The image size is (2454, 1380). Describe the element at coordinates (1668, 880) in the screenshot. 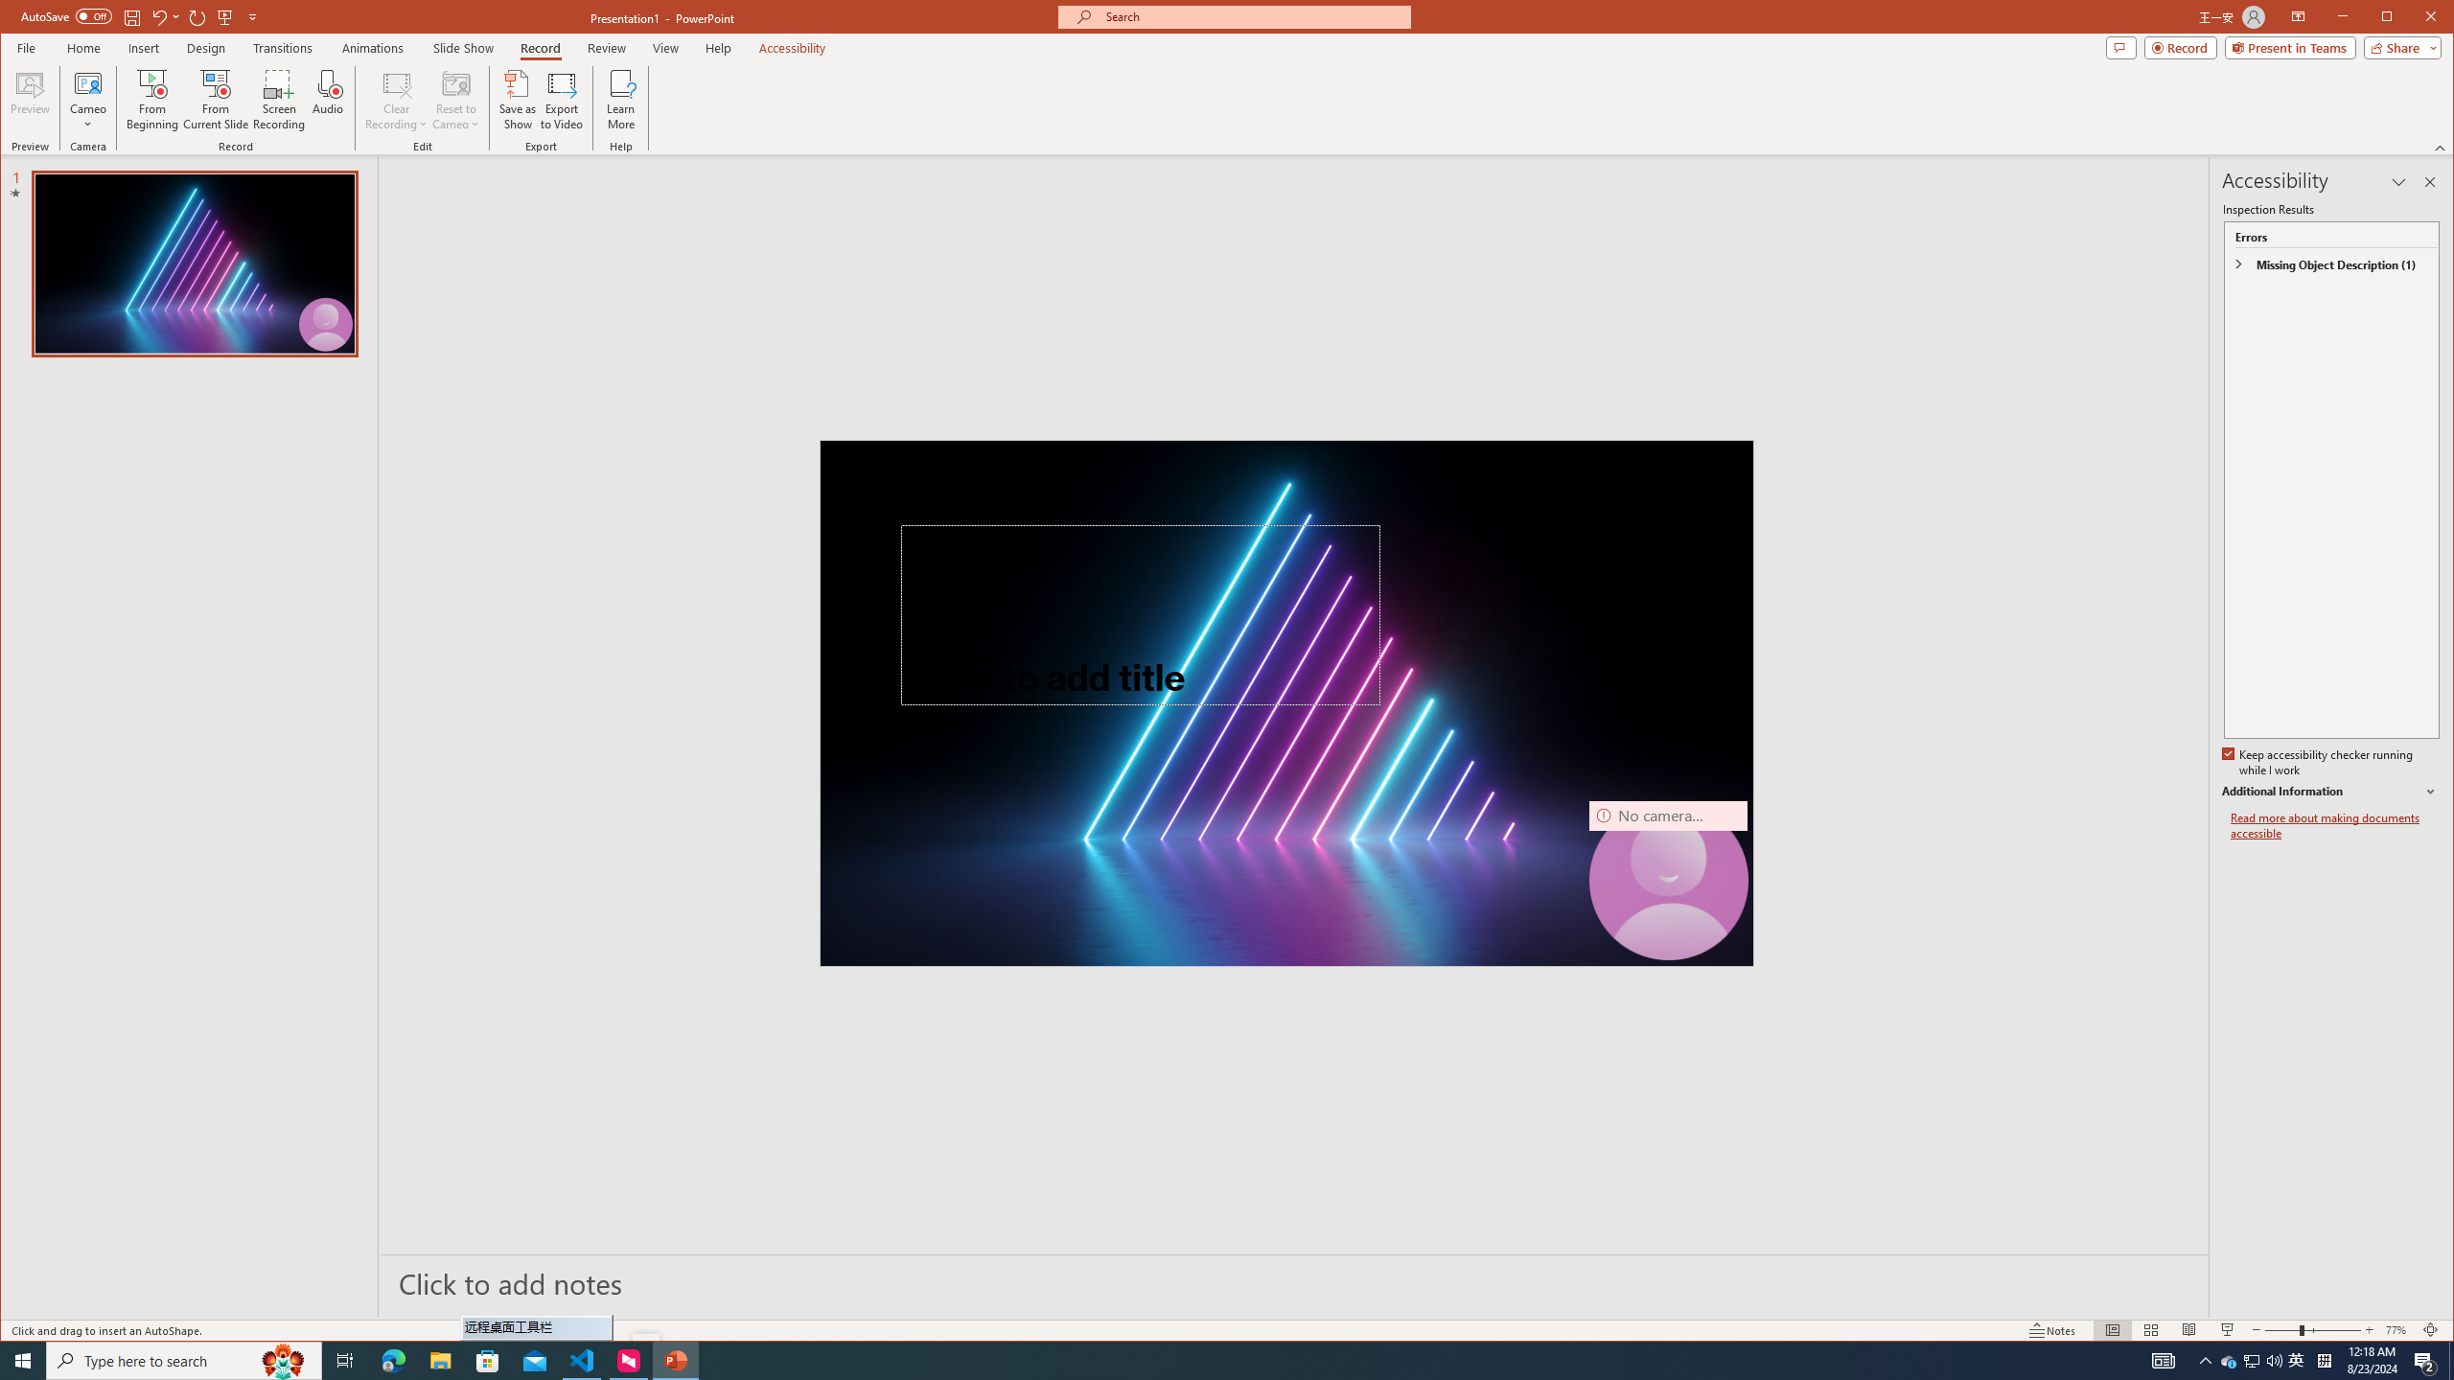

I see `'Camera 7, No camera detected.'` at that location.